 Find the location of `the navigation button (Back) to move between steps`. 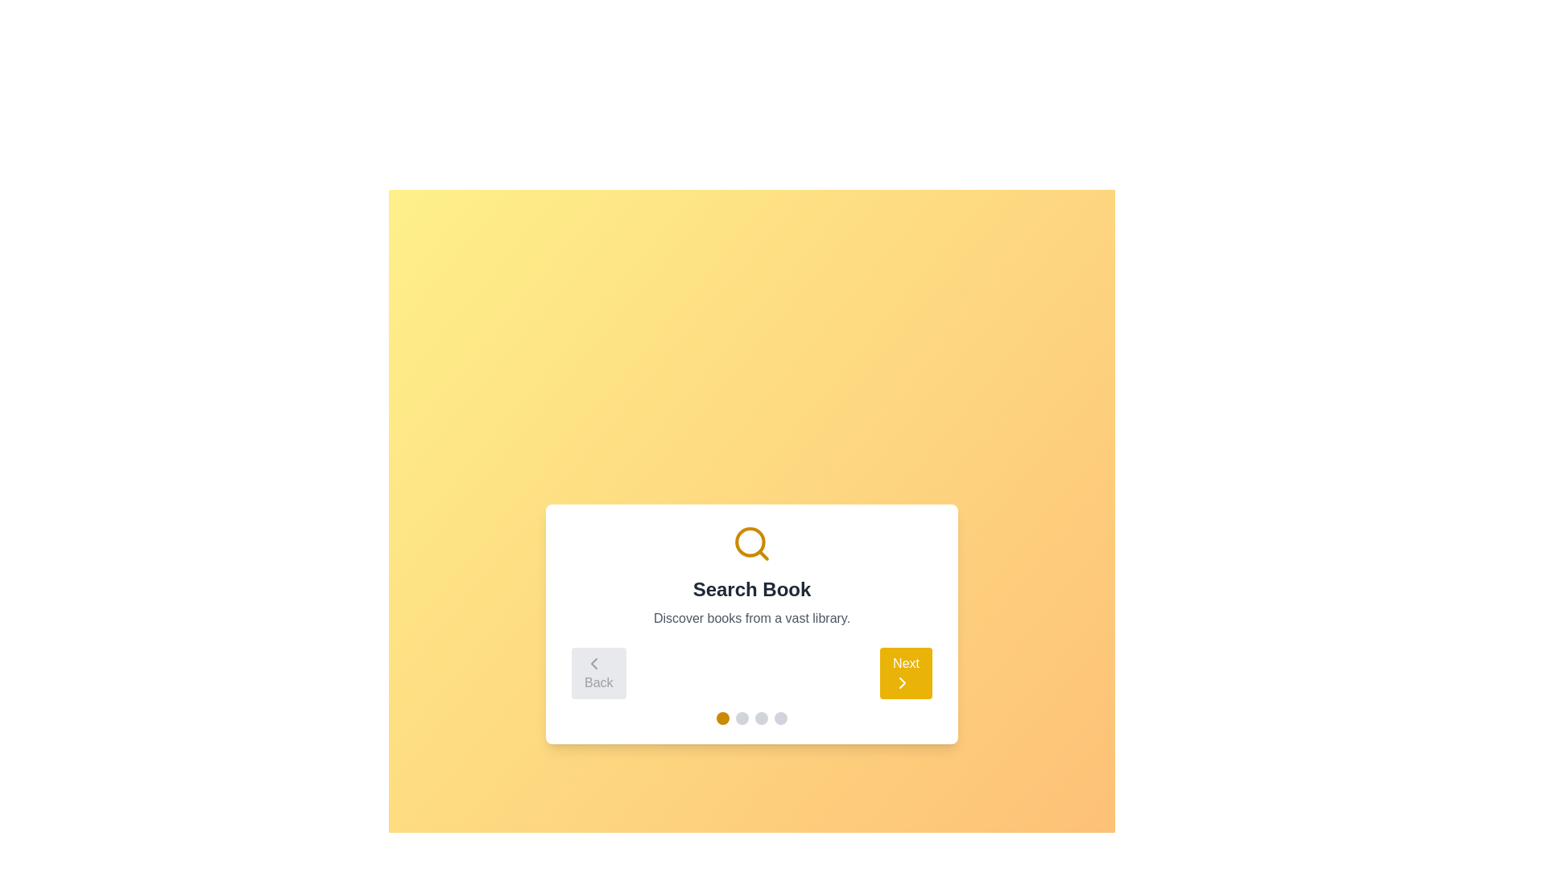

the navigation button (Back) to move between steps is located at coordinates (597, 673).